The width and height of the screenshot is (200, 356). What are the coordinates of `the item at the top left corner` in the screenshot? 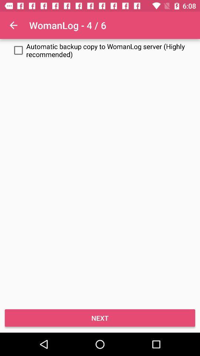 It's located at (13, 25).